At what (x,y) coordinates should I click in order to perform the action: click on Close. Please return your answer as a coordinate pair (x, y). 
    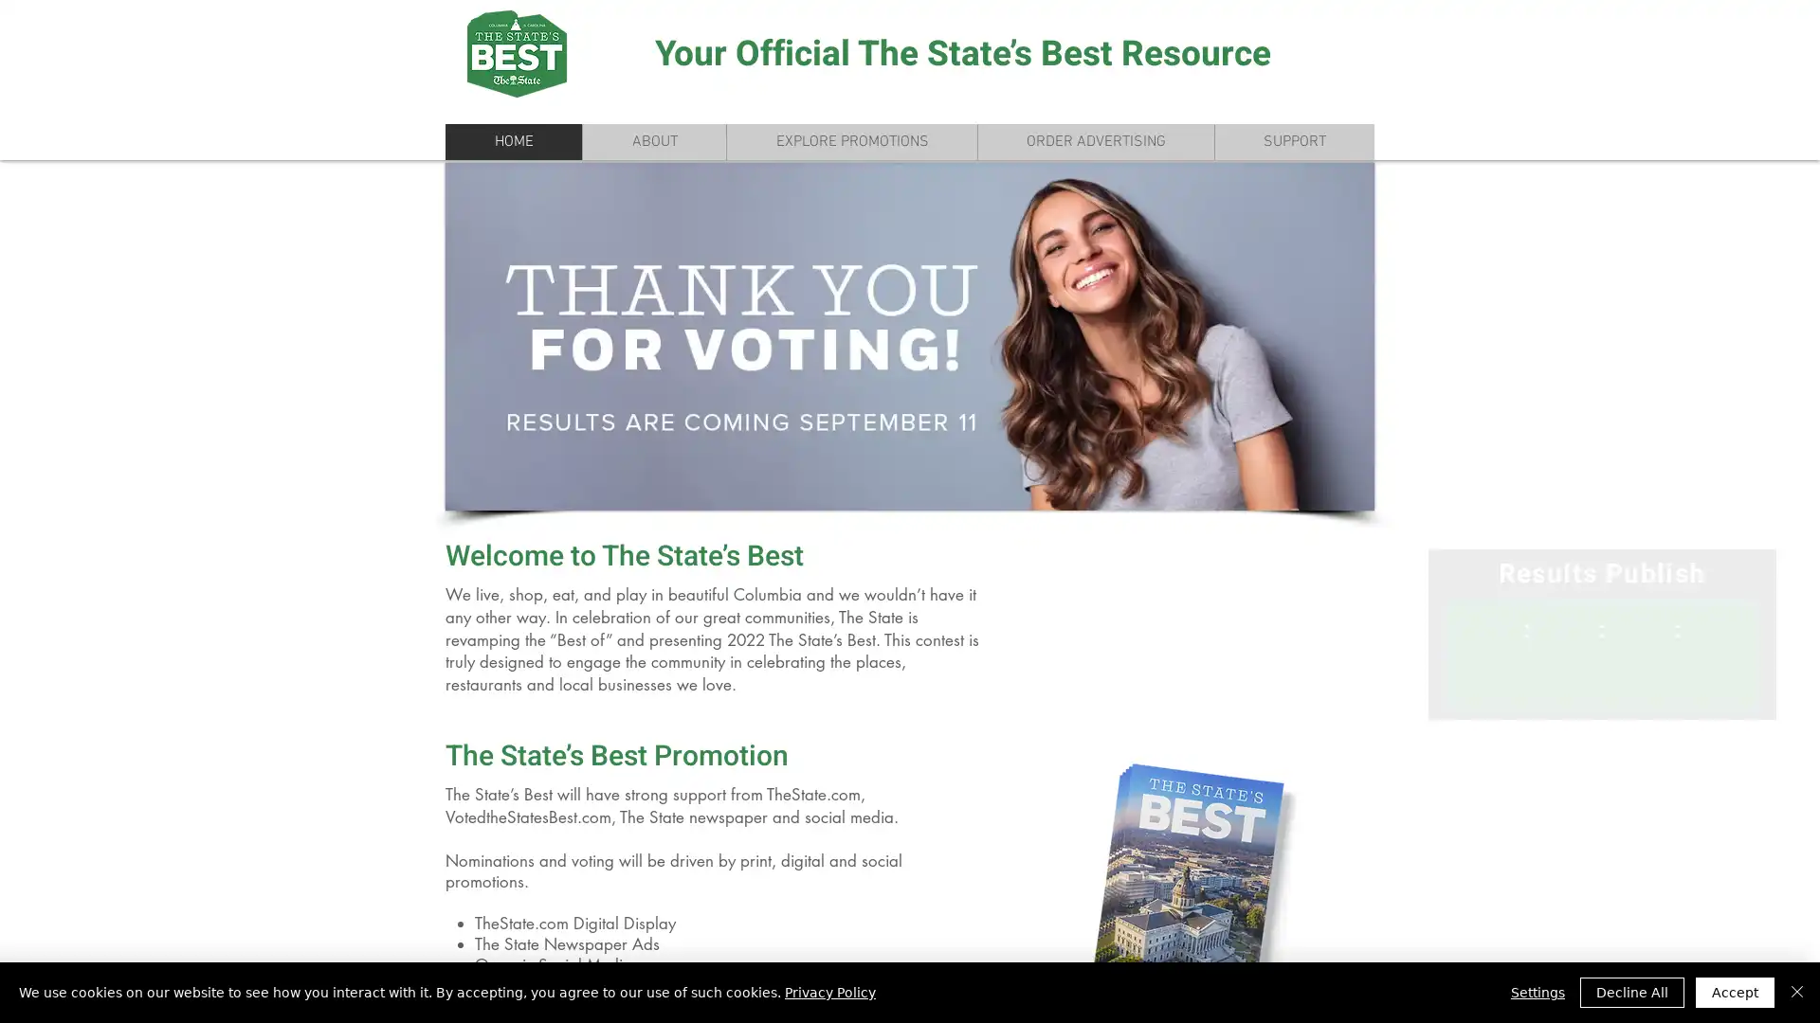
    Looking at the image, I should click on (1796, 992).